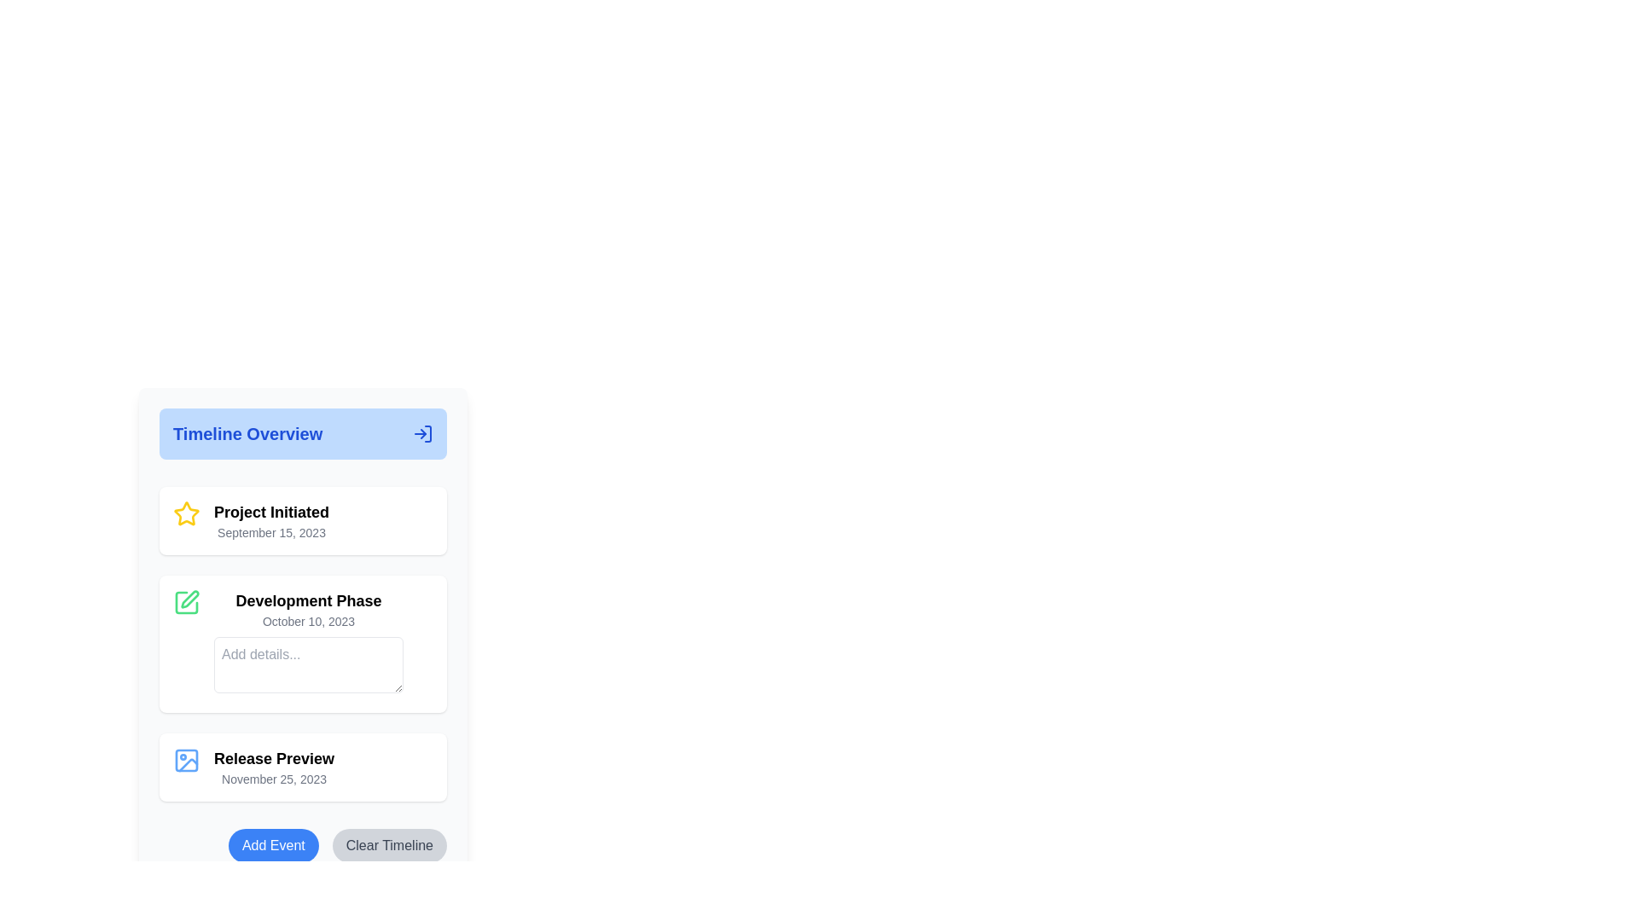 Image resolution: width=1638 pixels, height=921 pixels. Describe the element at coordinates (303, 845) in the screenshot. I see `the 'Add Event' button located at the bottom of the 'Timeline Overview' section` at that location.